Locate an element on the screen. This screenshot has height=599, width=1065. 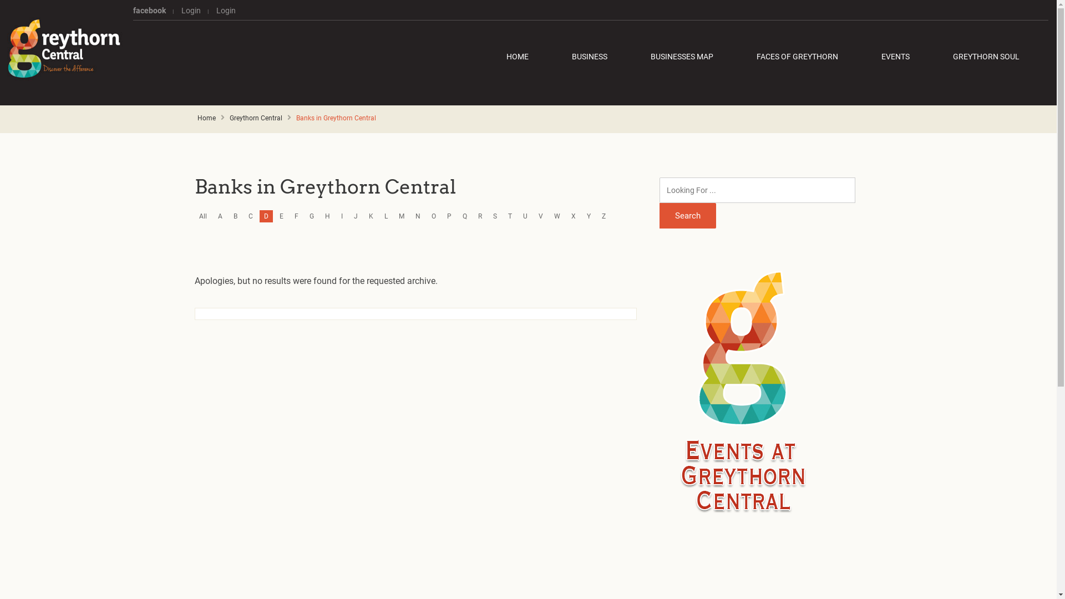
'W' is located at coordinates (557, 216).